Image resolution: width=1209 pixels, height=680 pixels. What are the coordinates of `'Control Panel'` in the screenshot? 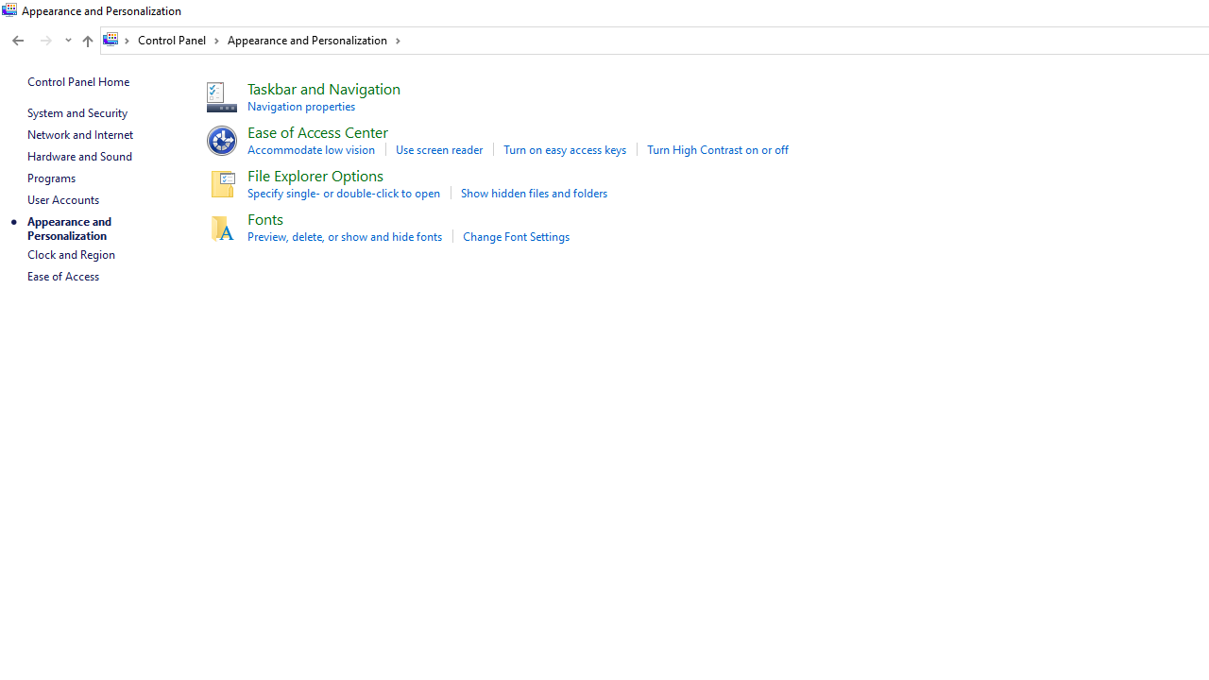 It's located at (179, 40).